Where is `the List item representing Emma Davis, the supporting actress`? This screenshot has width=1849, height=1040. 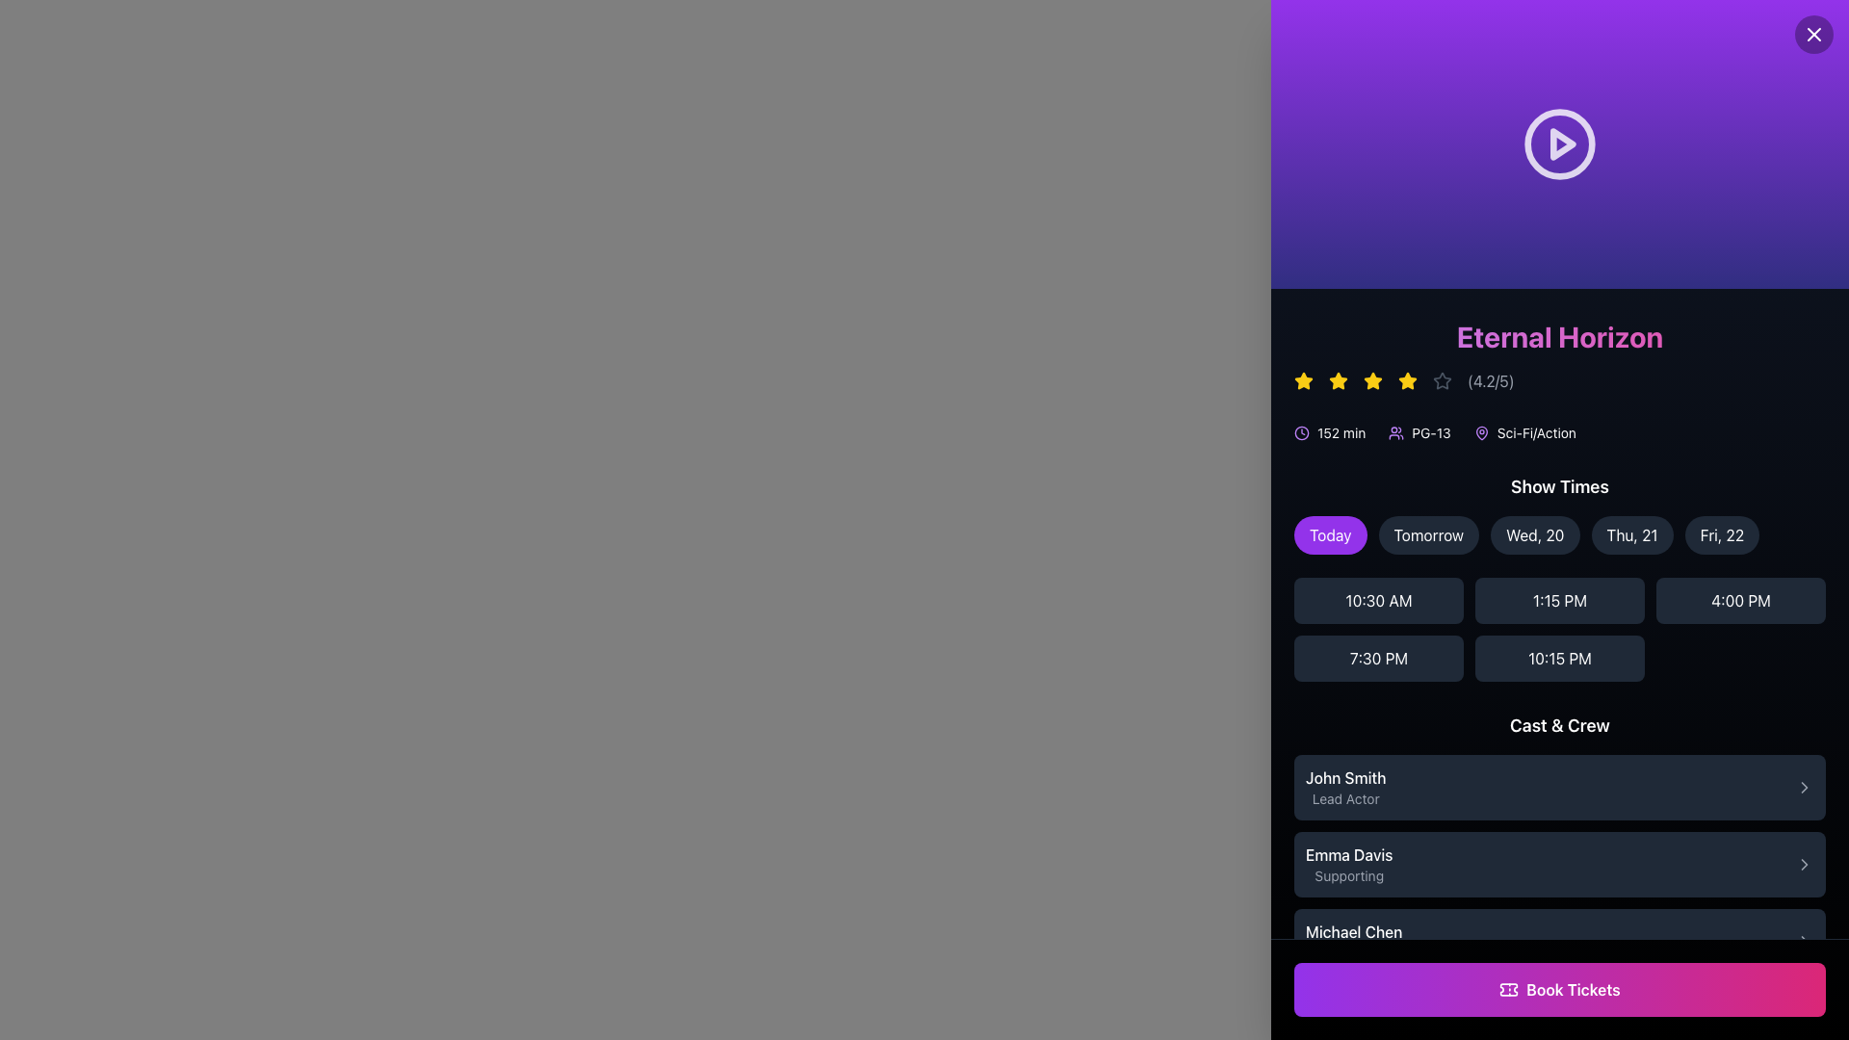
the List item representing Emma Davis, the supporting actress is located at coordinates (1560, 842).